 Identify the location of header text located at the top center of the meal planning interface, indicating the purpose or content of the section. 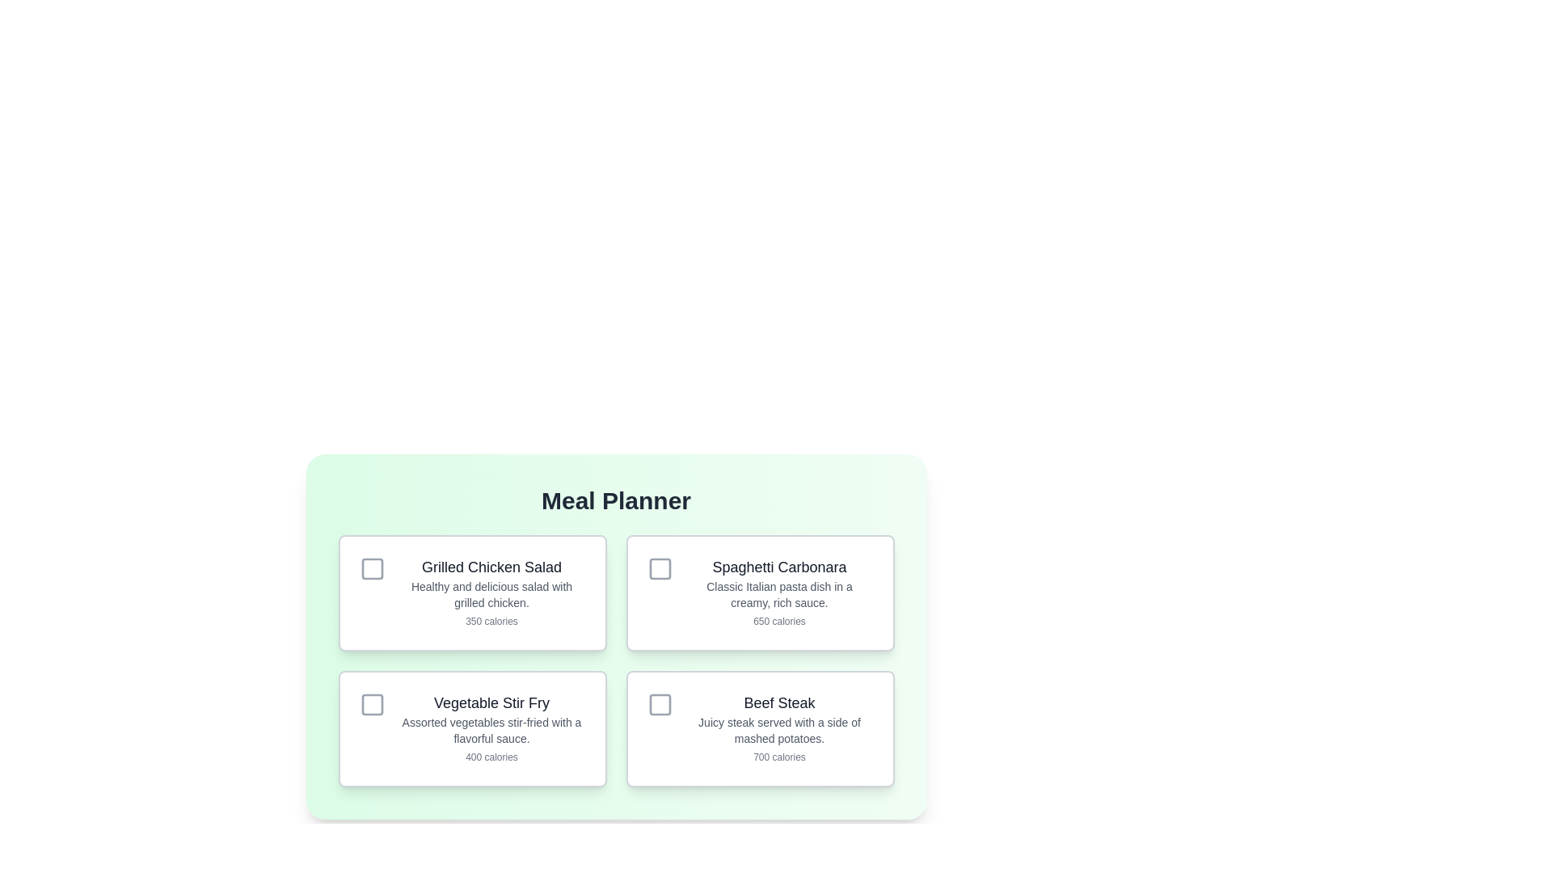
(615, 500).